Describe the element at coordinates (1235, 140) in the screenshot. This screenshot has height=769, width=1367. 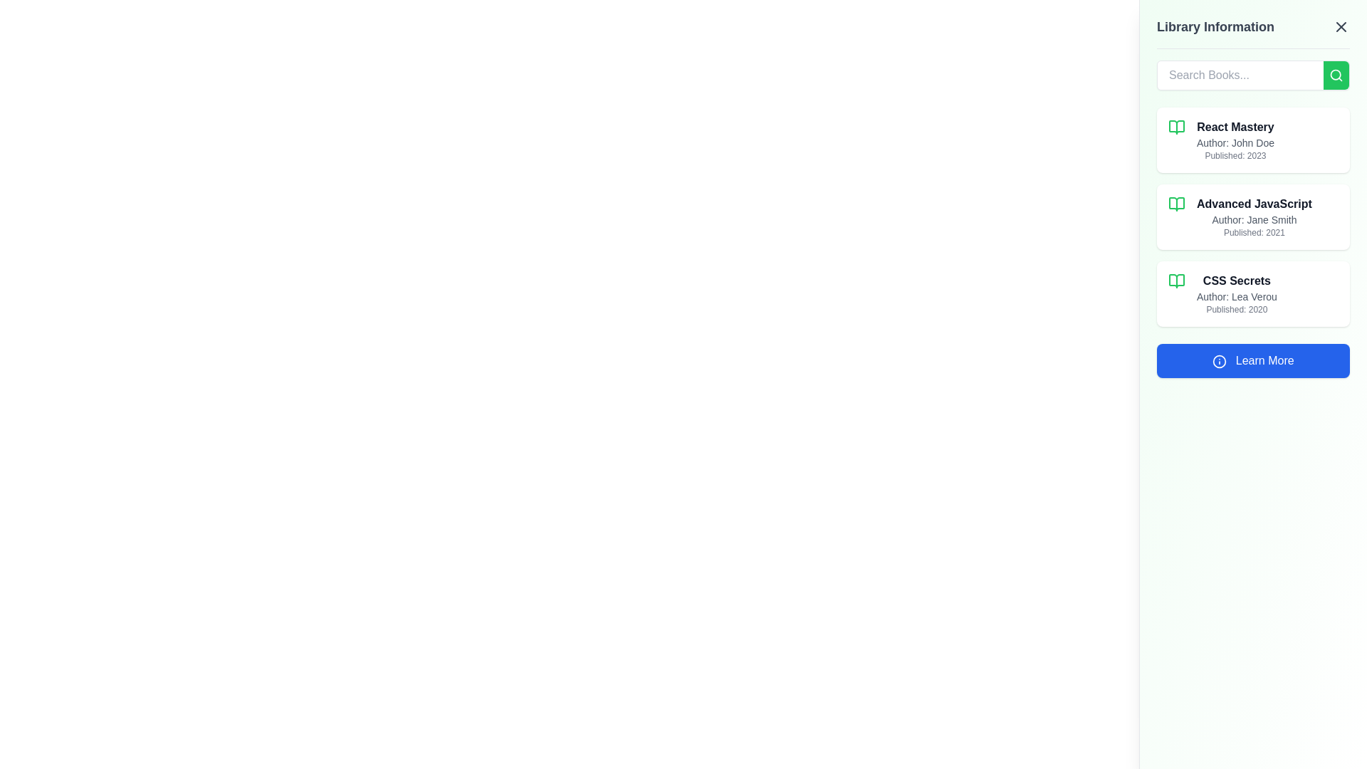
I see `text block containing 'React Mastery', 'Author: John Doe', and 'Published: 2023' which is centrally aligned within the Library Information panel, located beneath the search bar` at that location.